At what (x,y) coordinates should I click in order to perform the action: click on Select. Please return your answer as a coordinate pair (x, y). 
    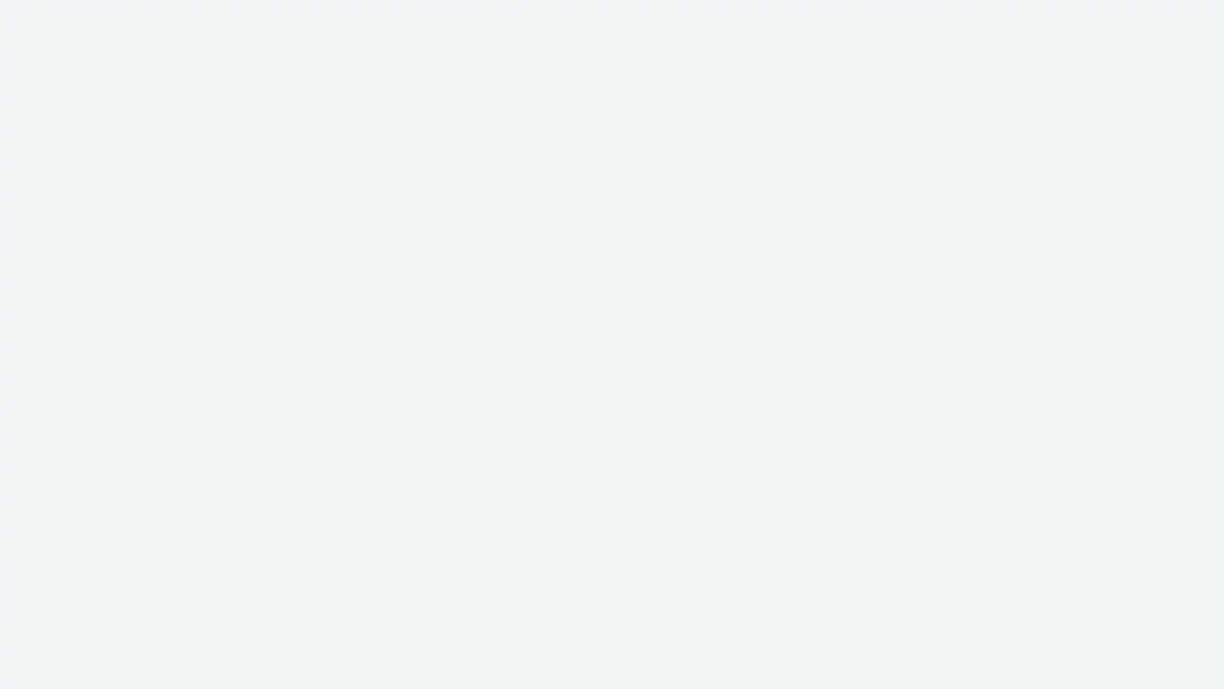
    Looking at the image, I should click on (611, 497).